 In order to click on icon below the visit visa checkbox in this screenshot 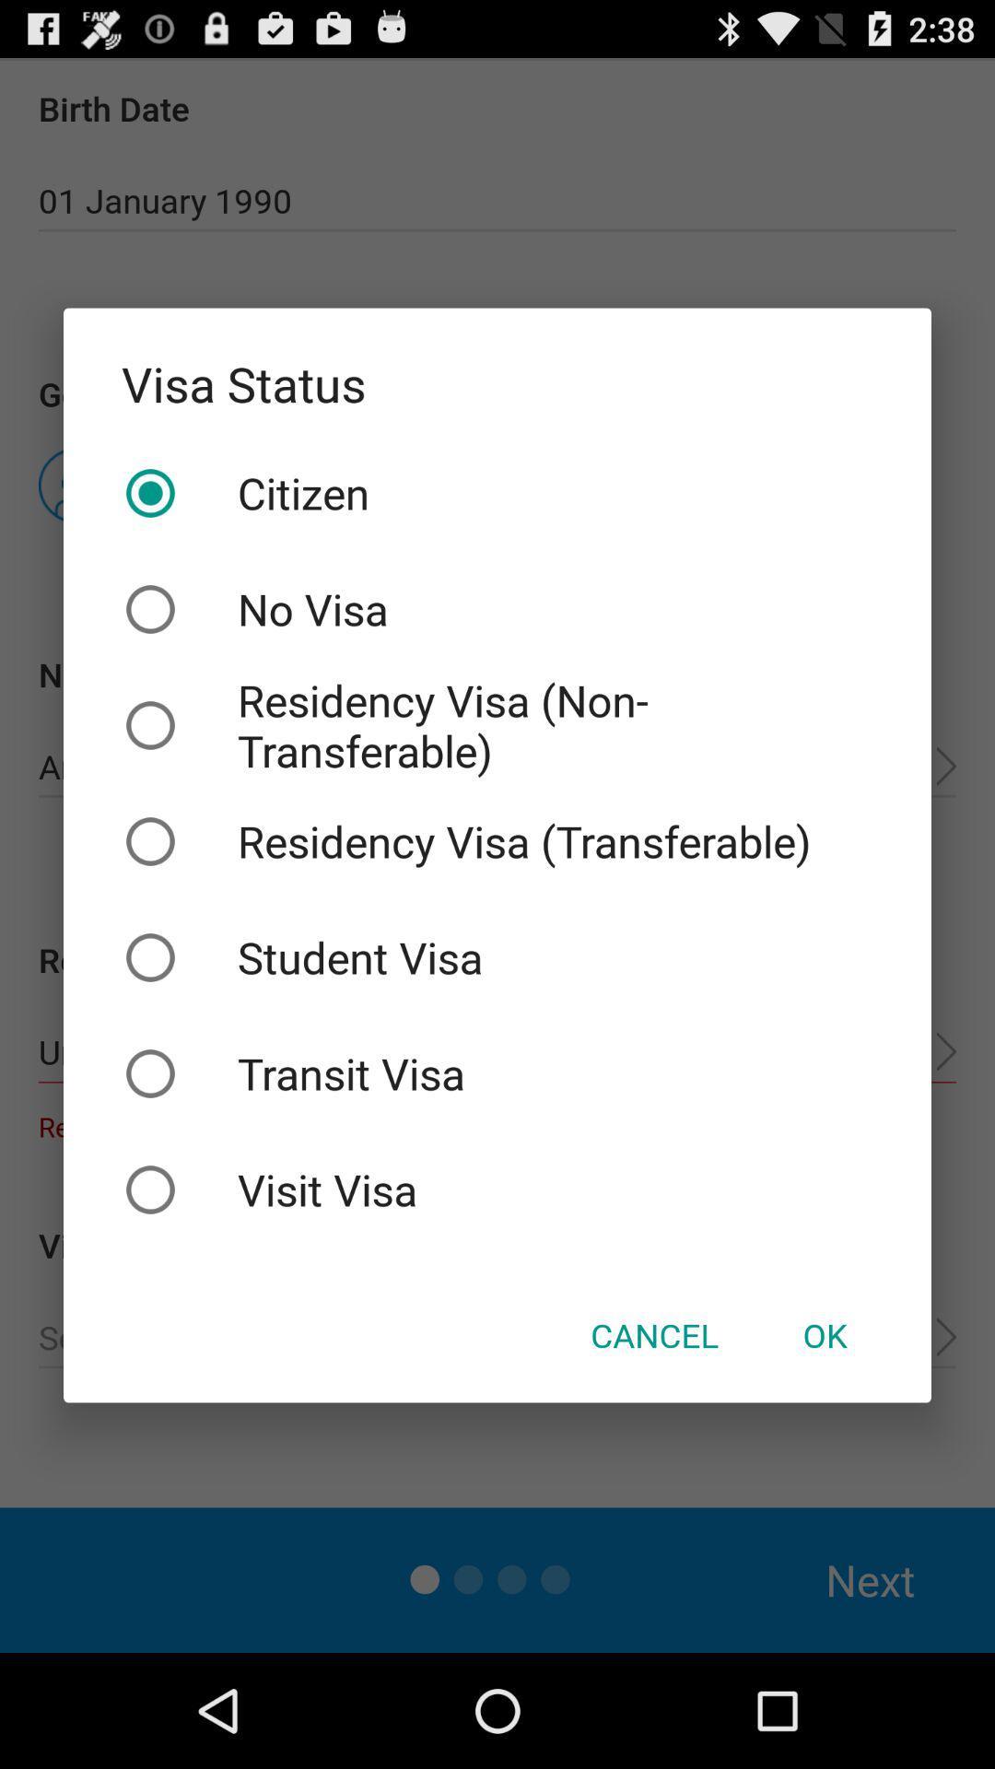, I will do `click(824, 1335)`.